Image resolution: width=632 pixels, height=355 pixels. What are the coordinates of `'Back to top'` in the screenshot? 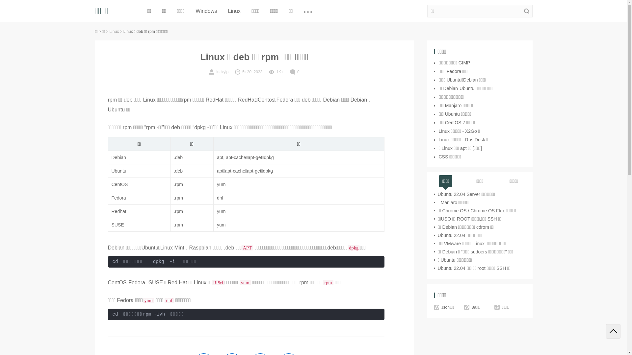 It's located at (613, 331).